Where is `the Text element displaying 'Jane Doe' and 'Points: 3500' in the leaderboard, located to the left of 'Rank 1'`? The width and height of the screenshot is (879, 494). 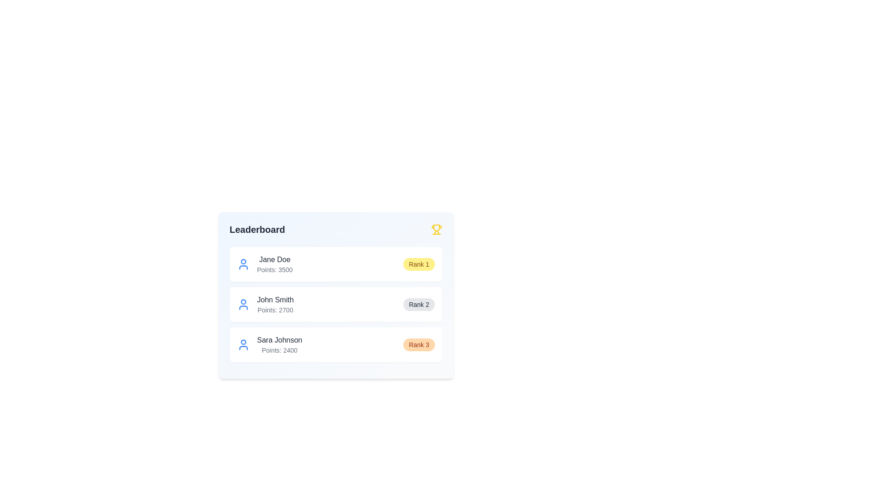 the Text element displaying 'Jane Doe' and 'Points: 3500' in the leaderboard, located to the left of 'Rank 1' is located at coordinates (264, 264).